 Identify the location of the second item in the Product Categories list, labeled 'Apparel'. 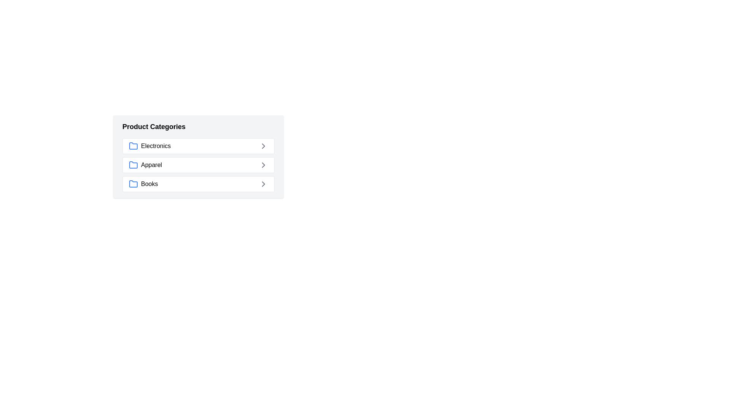
(198, 165).